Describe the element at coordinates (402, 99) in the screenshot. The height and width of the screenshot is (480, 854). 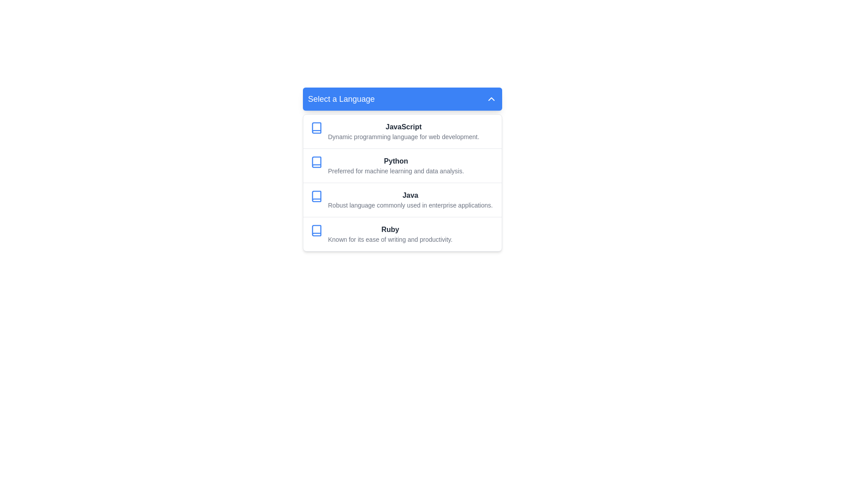
I see `the dropdown toggle button at the top section of the dropdown menu interface` at that location.